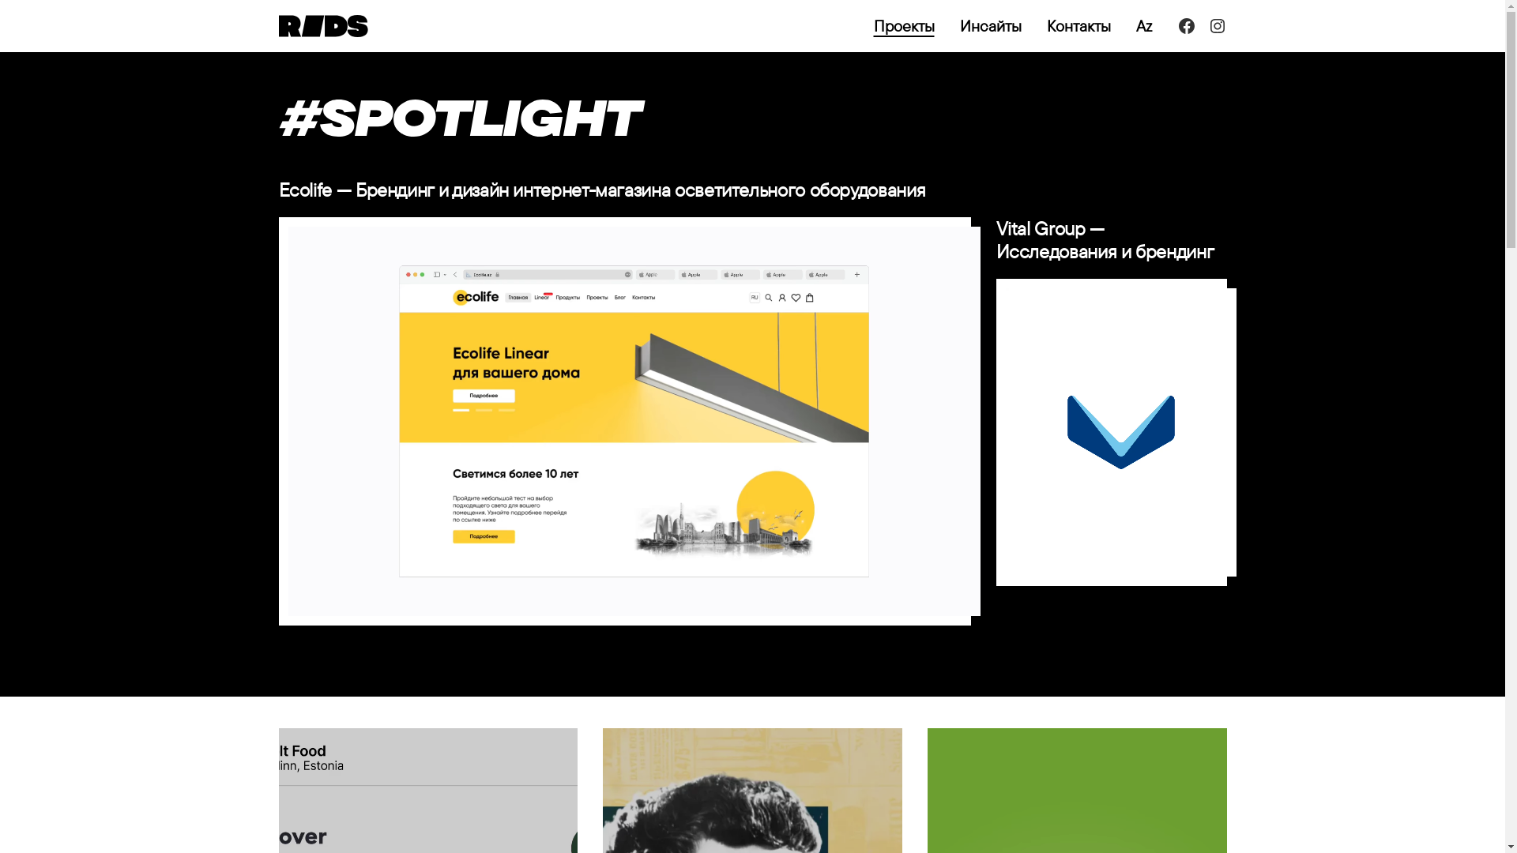 The width and height of the screenshot is (1517, 853). Describe the element at coordinates (1144, 26) in the screenshot. I see `'Az'` at that location.